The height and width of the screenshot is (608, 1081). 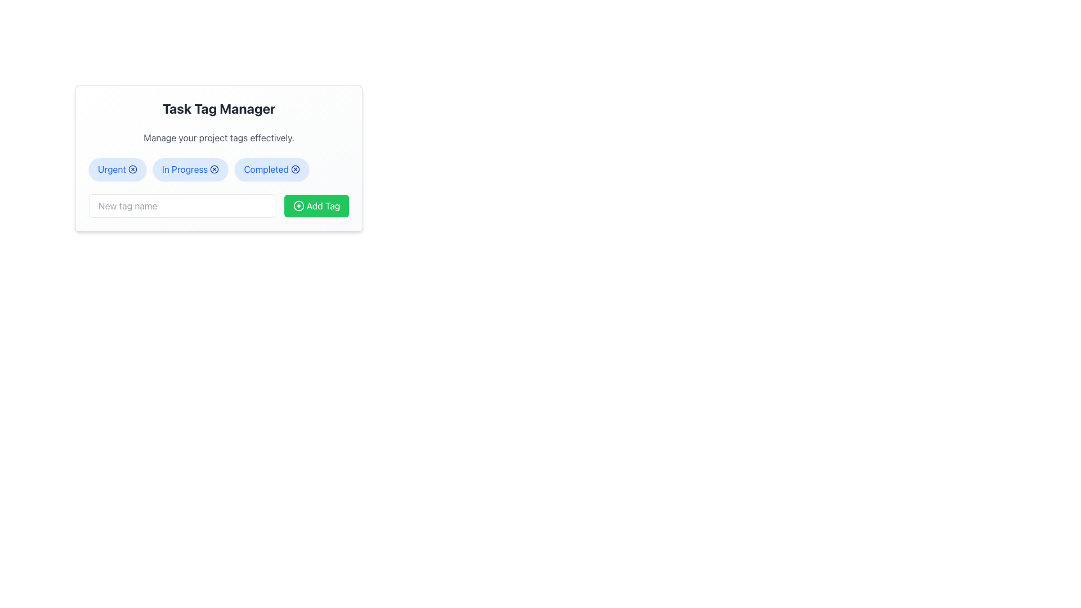 What do you see at coordinates (266, 169) in the screenshot?
I see `the 'Completed' text label, which visually represents completed items in the task management interface, positioned centrally below the 'Task Tag Manager' header` at bounding box center [266, 169].